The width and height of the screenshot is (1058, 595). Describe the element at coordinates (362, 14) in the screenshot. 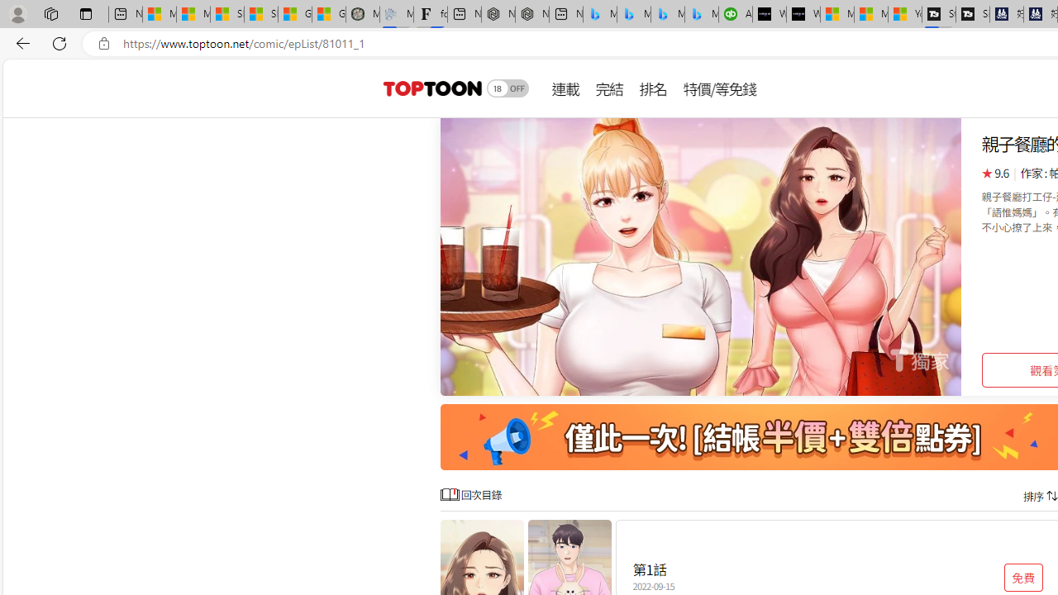

I see `'Manatee Mortality Statistics | FWC'` at that location.